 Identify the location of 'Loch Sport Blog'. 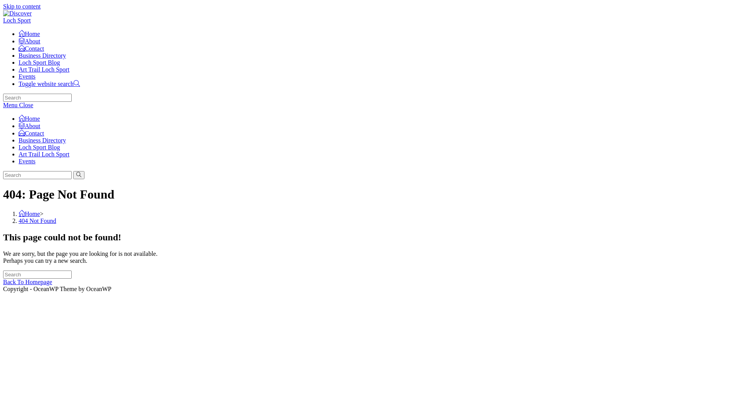
(39, 62).